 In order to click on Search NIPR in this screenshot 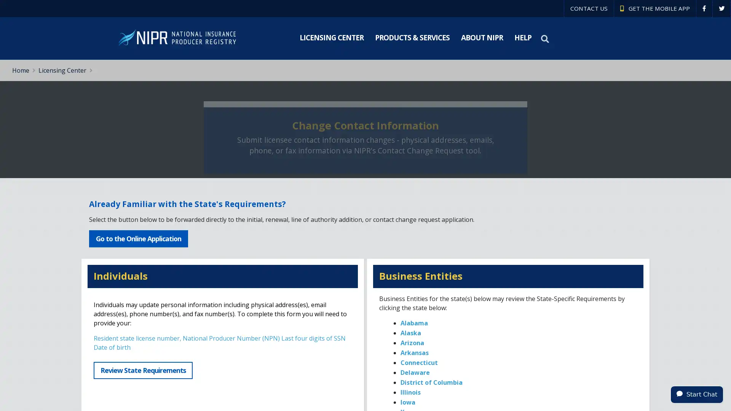, I will do `click(546, 38)`.